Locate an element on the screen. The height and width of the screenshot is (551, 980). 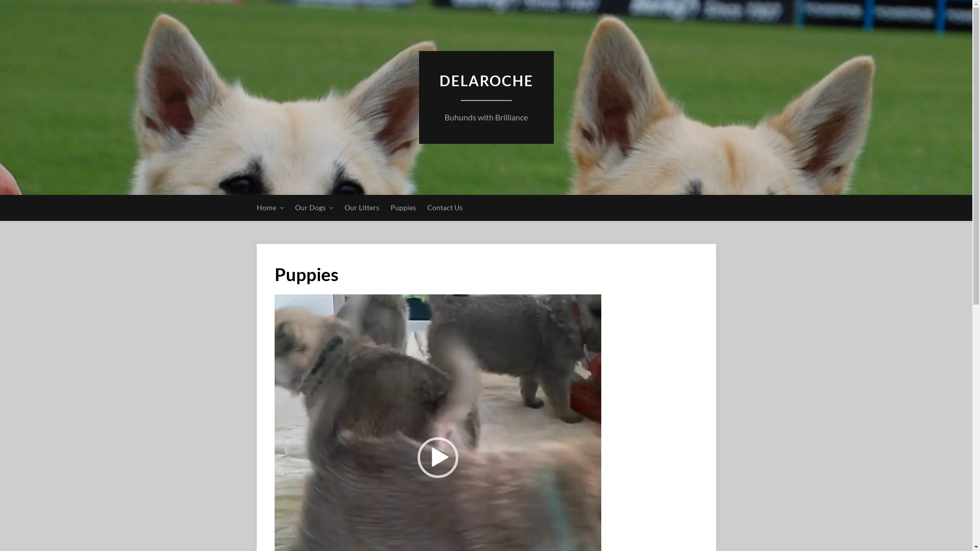
'Our Litters' is located at coordinates (361, 207).